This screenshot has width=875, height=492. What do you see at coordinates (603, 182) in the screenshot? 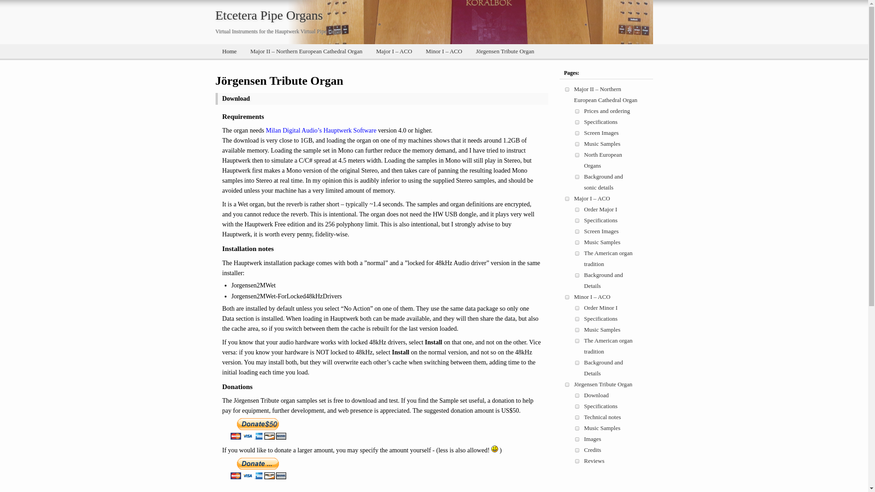
I see `'Background and sonic details'` at bounding box center [603, 182].